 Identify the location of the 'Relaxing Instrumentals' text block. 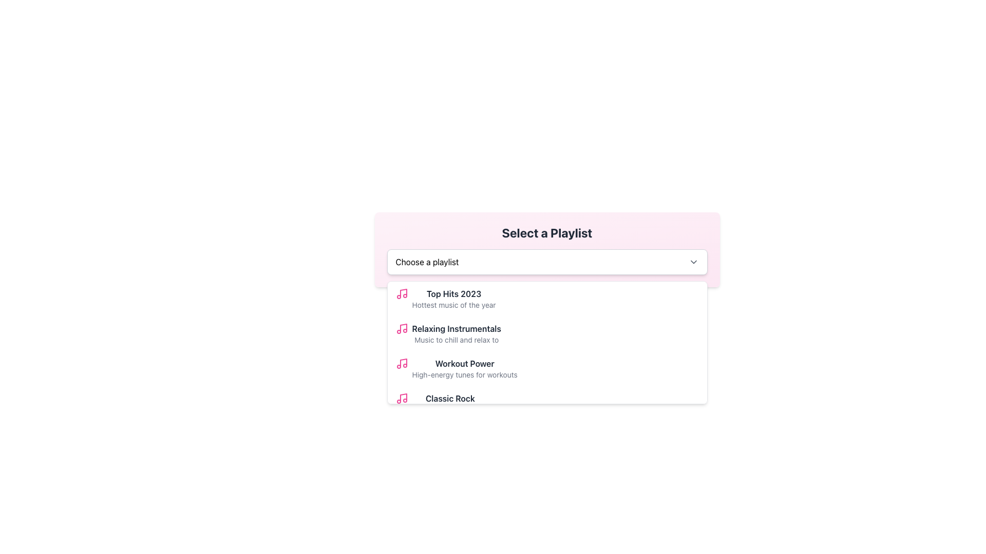
(456, 334).